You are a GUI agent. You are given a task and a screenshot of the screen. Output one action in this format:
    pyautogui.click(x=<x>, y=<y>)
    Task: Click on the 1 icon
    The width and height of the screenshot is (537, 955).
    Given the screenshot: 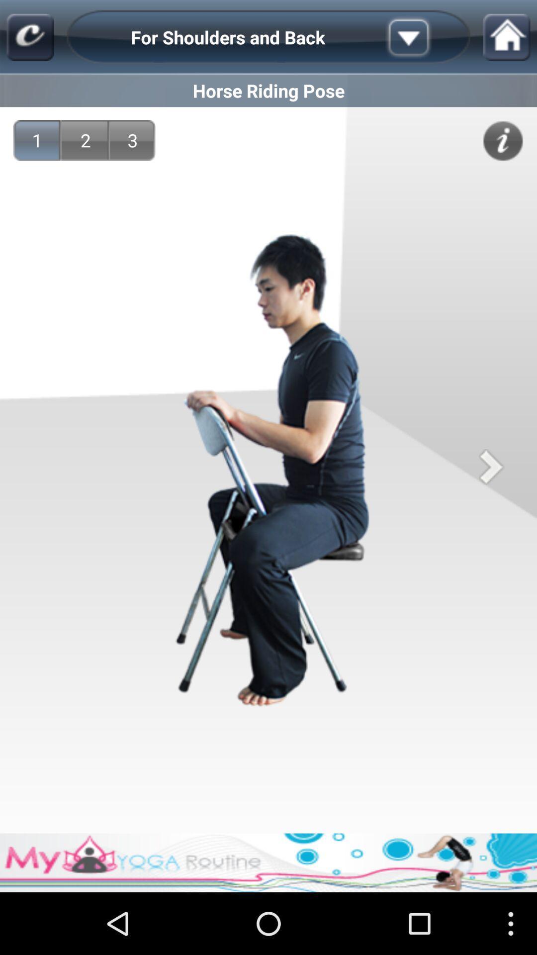 What is the action you would take?
    pyautogui.click(x=36, y=140)
    